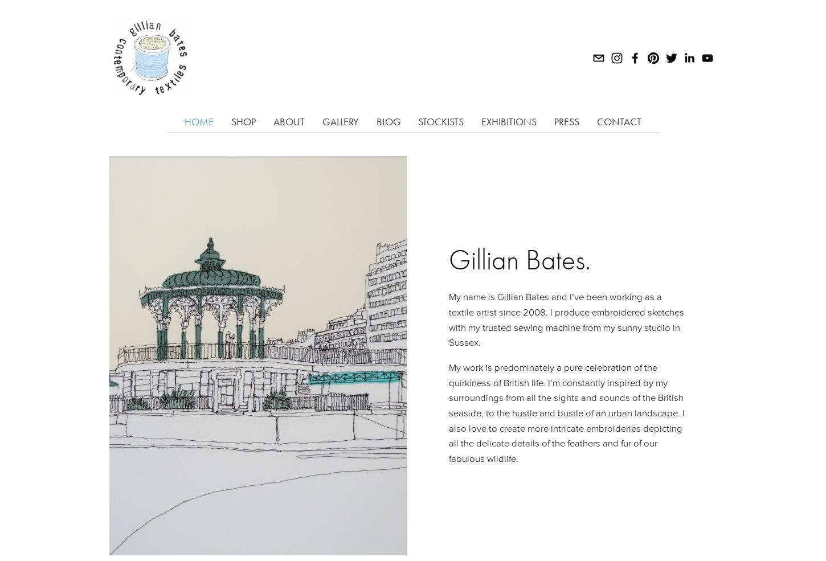  I want to click on 'Blog', so click(387, 121).